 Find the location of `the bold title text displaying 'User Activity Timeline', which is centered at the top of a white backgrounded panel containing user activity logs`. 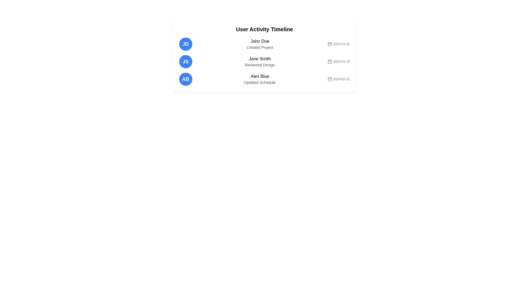

the bold title text displaying 'User Activity Timeline', which is centered at the top of a white backgrounded panel containing user activity logs is located at coordinates (264, 29).